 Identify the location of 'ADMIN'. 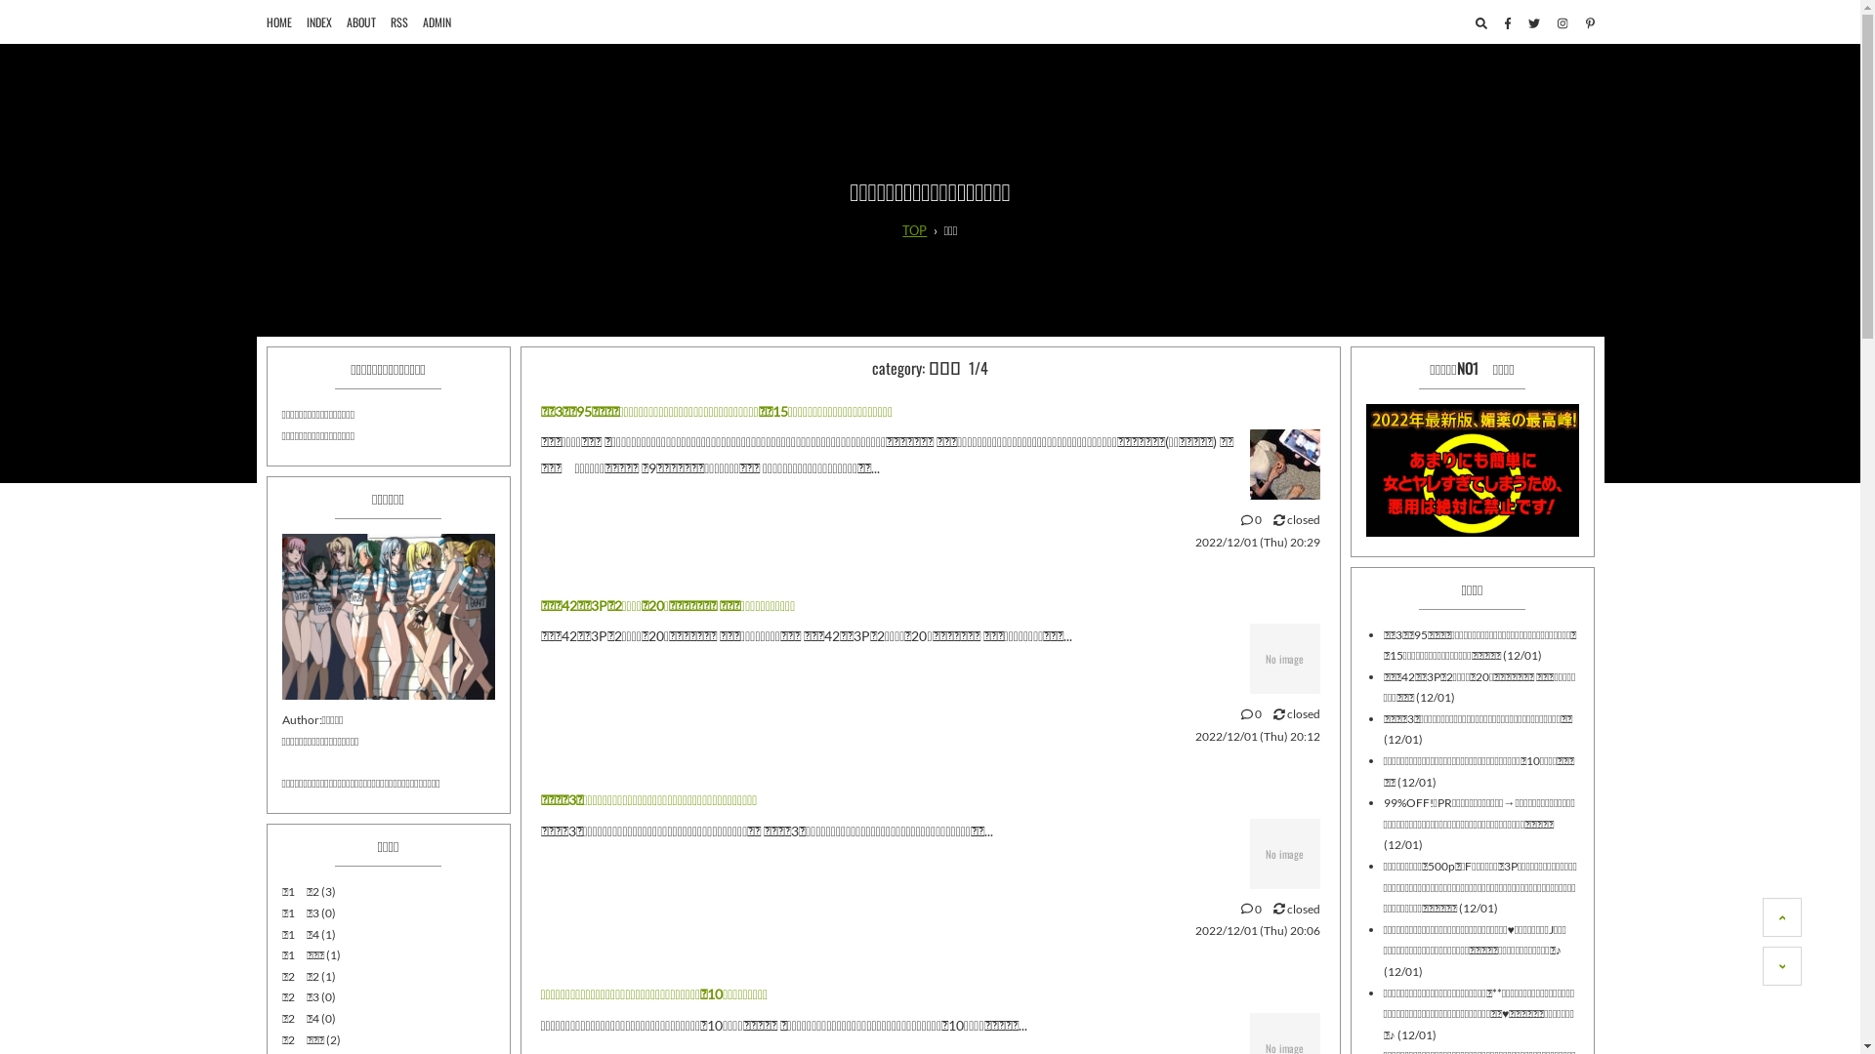
(435, 21).